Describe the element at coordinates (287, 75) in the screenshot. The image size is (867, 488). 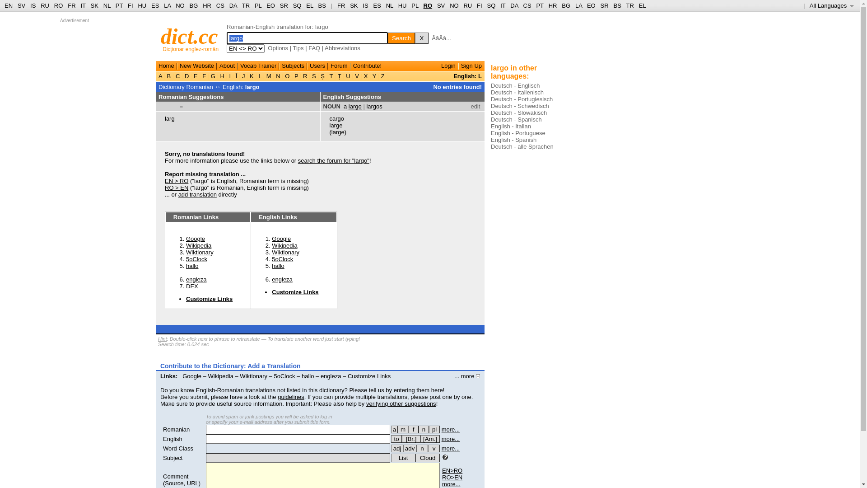
I see `'O'` at that location.